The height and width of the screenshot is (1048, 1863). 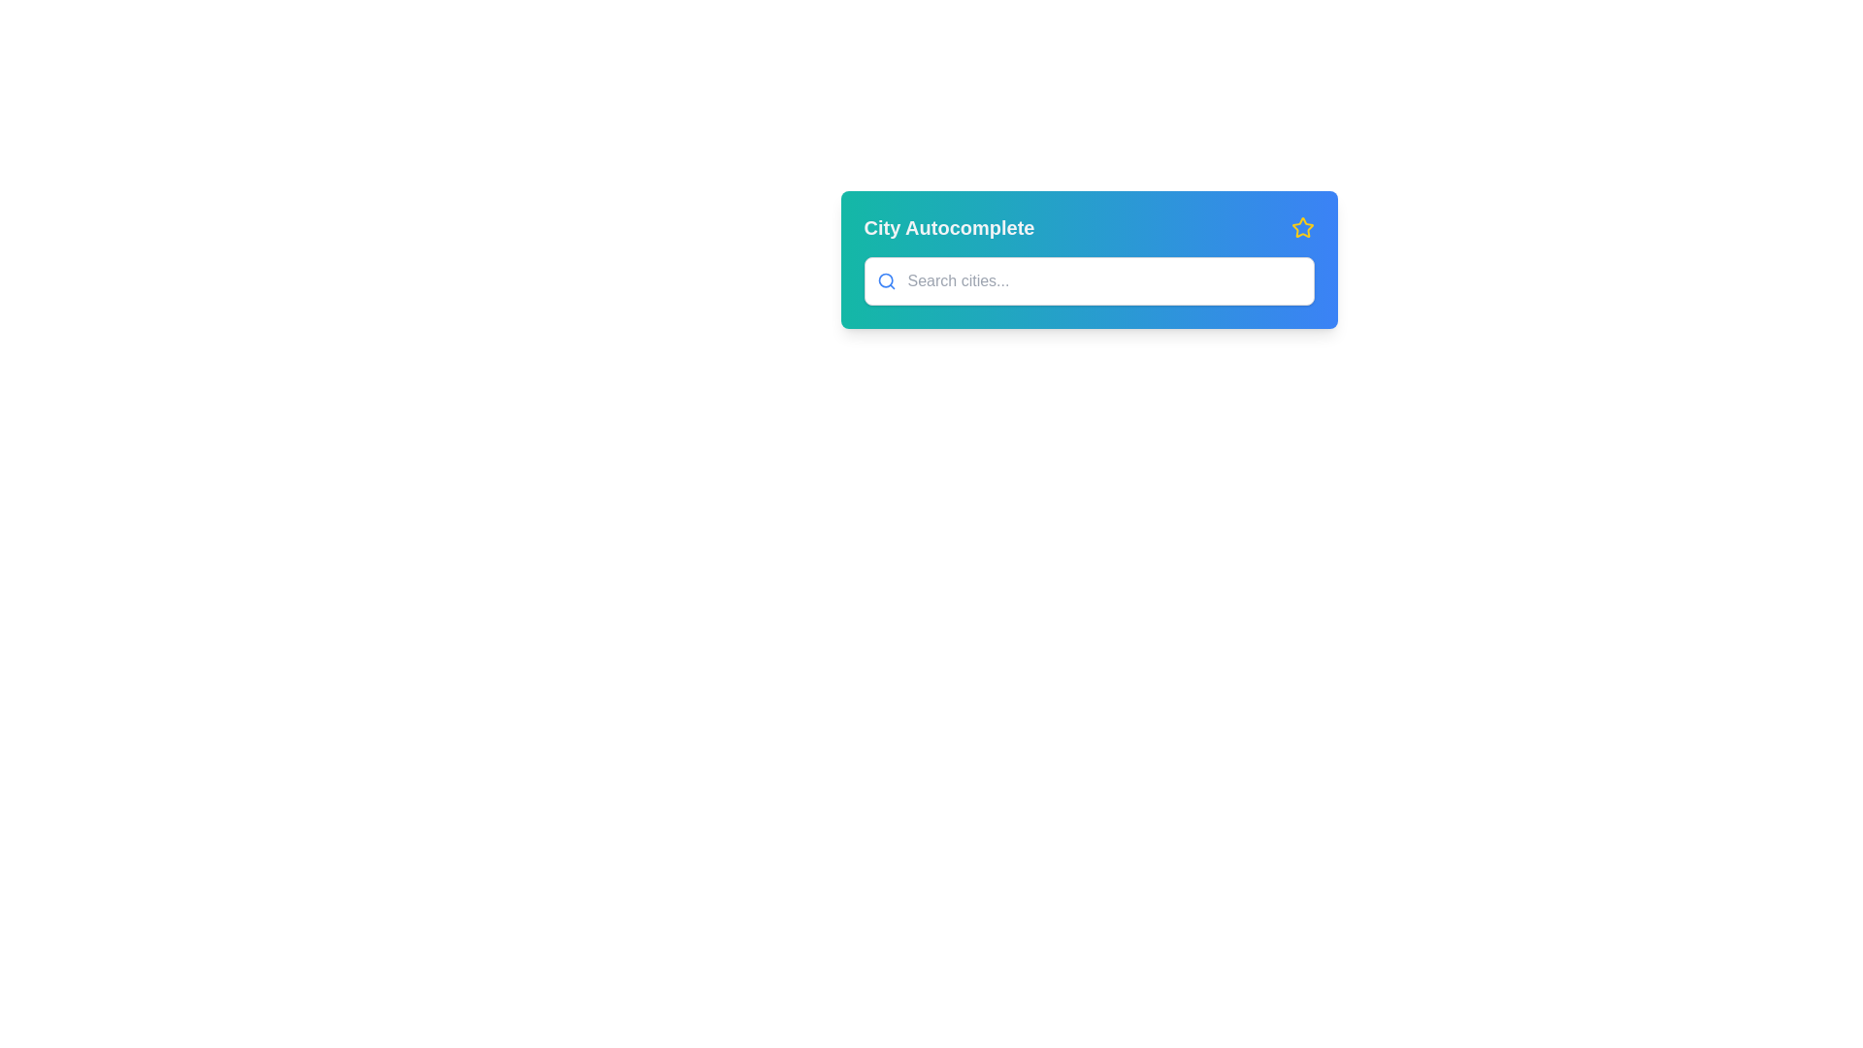 What do you see at coordinates (1302, 226) in the screenshot?
I see `the star-shaped icon with a yellow fill located in the top-right corner of the blue-gradient card labeled 'City Autocomplete'` at bounding box center [1302, 226].